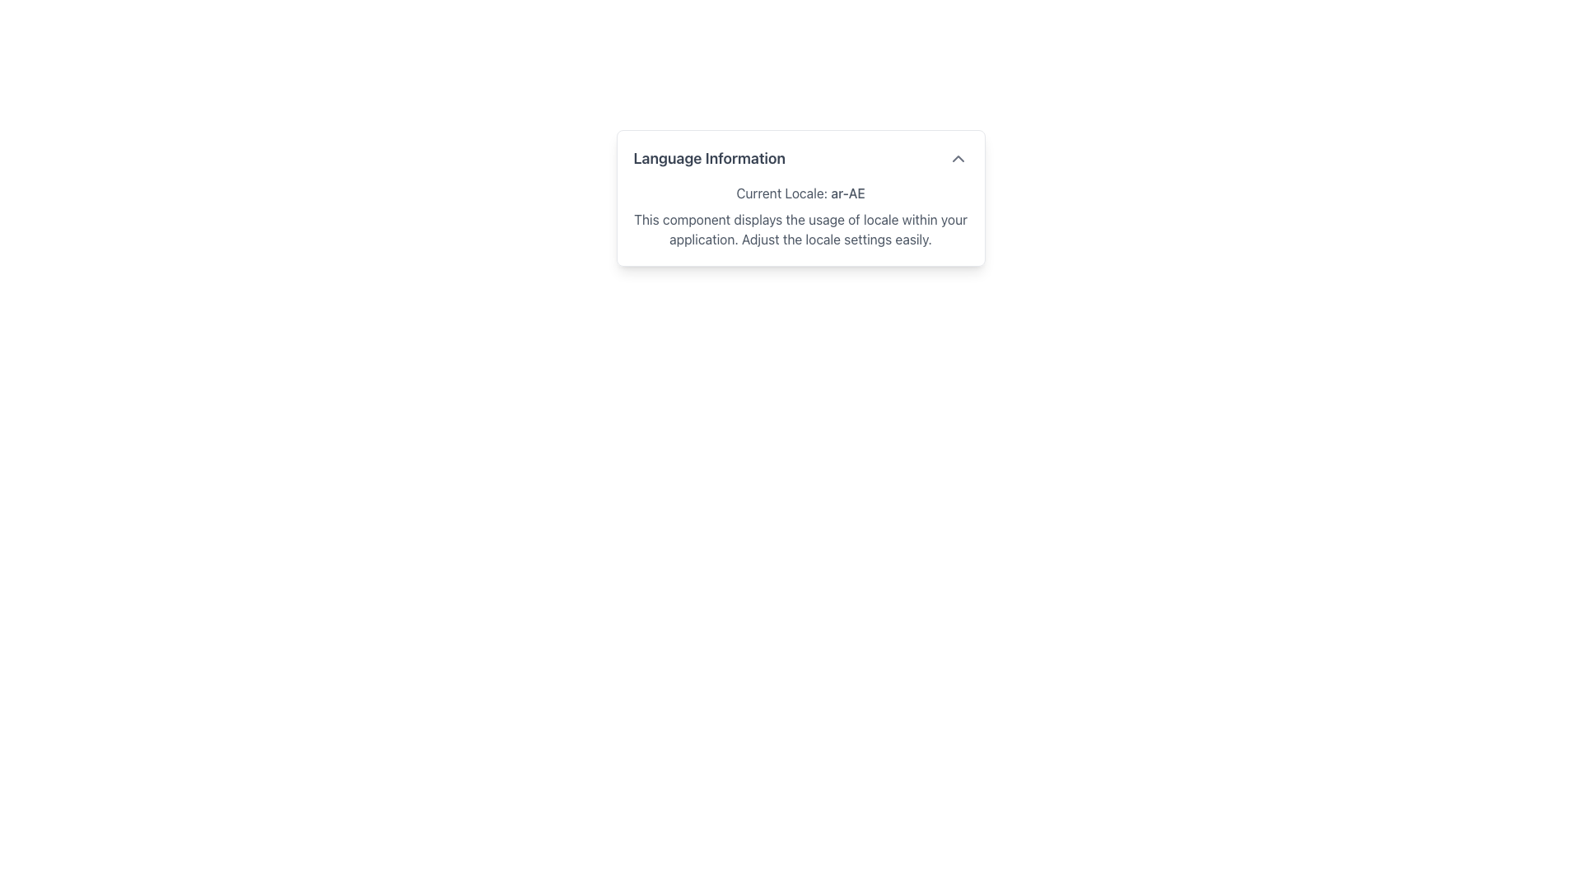 The height and width of the screenshot is (889, 1581). I want to click on the Text Label displaying 'Current Locale: ar-AE', which is located below the 'Language Information' title, so click(800, 193).